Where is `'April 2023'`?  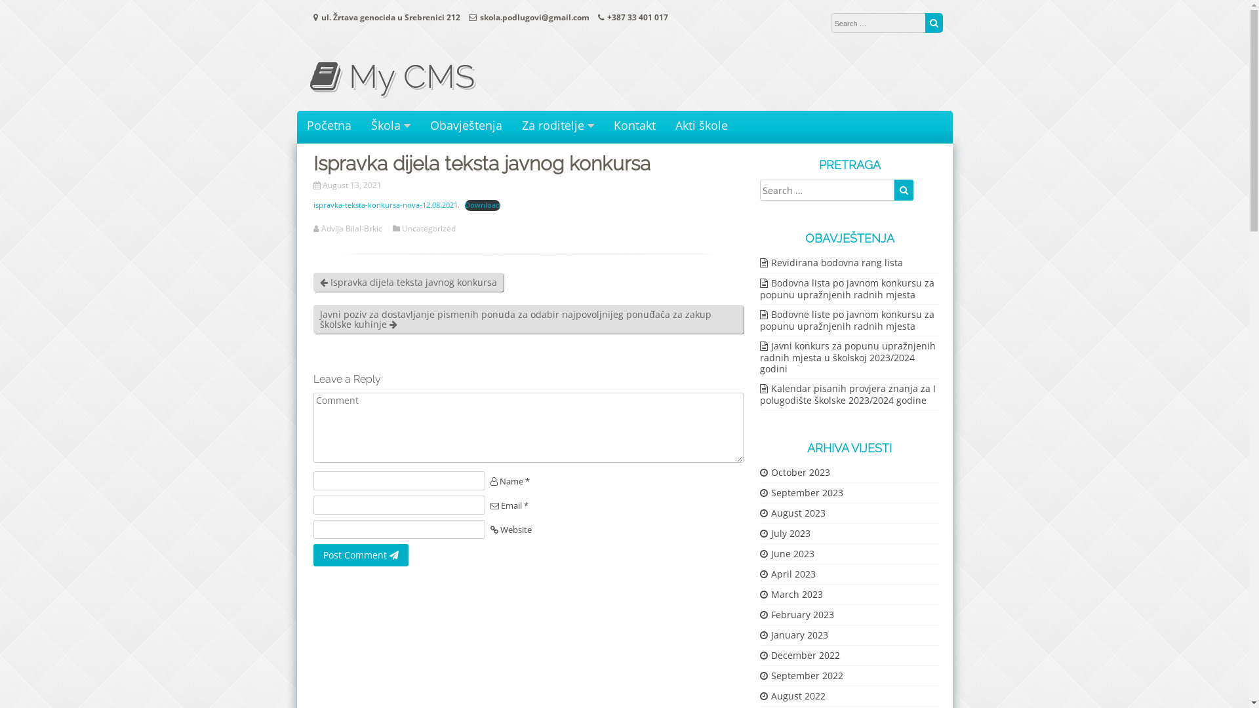
'April 2023' is located at coordinates (787, 573).